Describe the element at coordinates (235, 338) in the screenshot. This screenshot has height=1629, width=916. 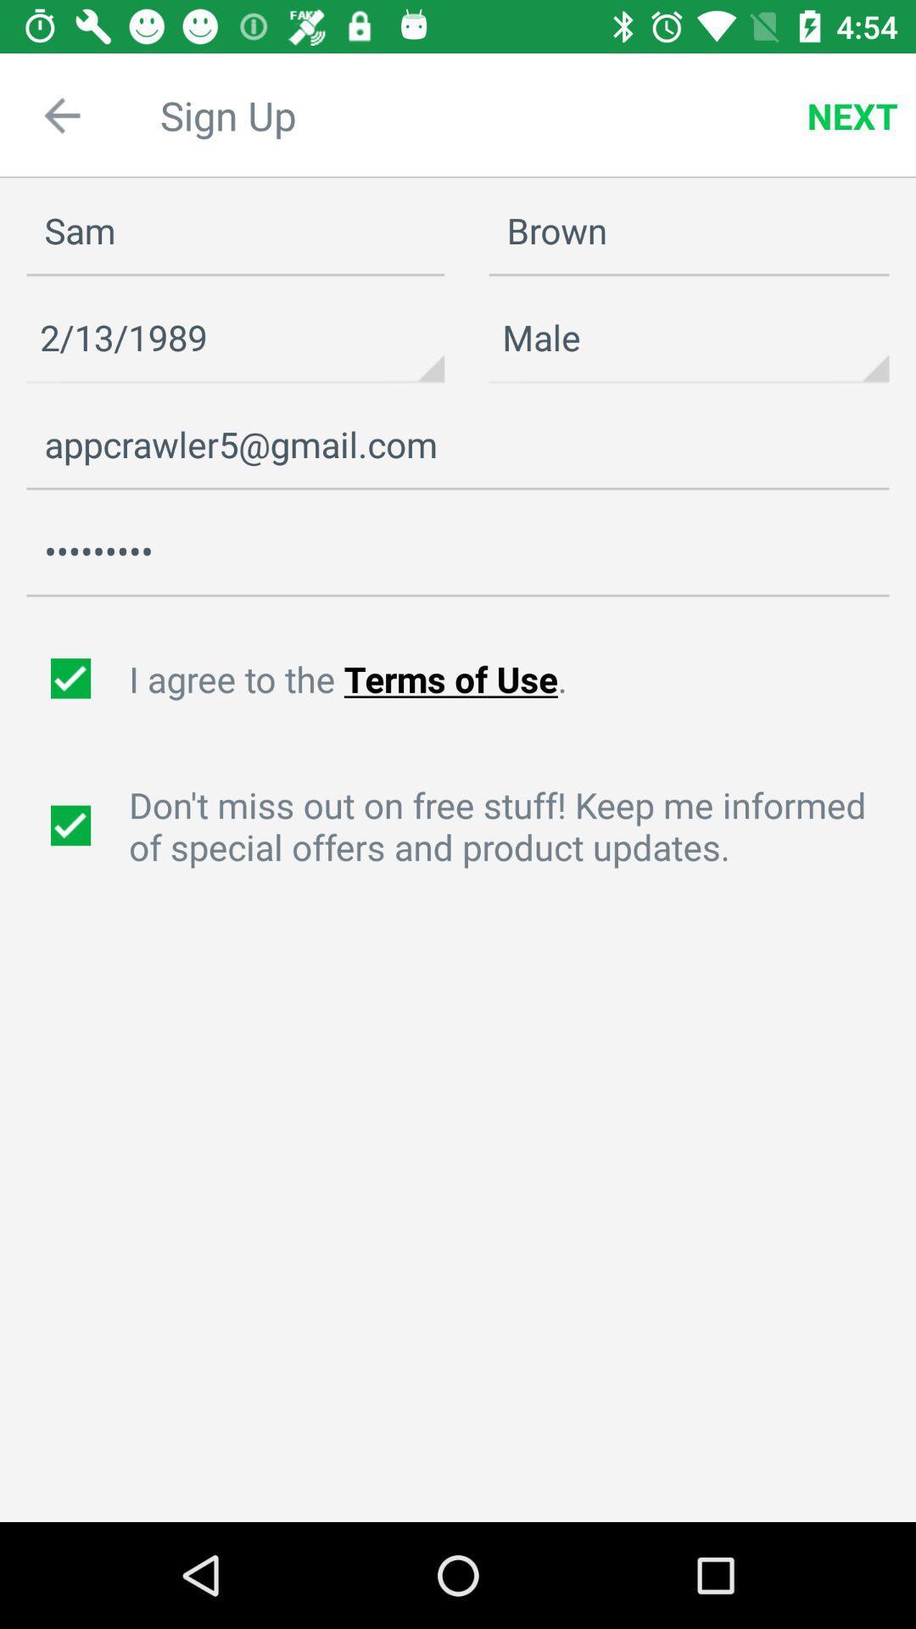
I see `the item to the left of the brown item` at that location.